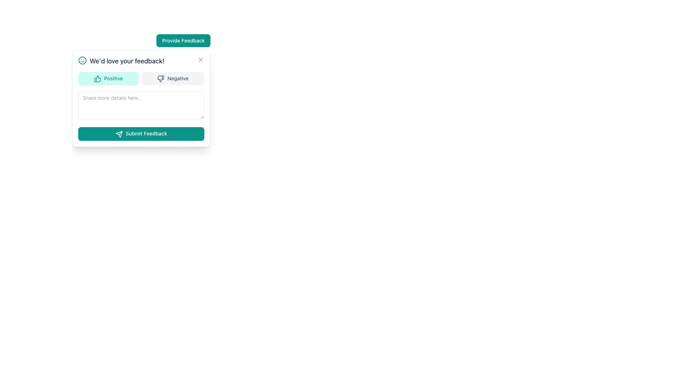 This screenshot has height=389, width=692. Describe the element at coordinates (119, 134) in the screenshot. I see `the decorative paper airplane icon on the left side of the 'Submit Feedback' button located at the bottom center of the feedback form` at that location.